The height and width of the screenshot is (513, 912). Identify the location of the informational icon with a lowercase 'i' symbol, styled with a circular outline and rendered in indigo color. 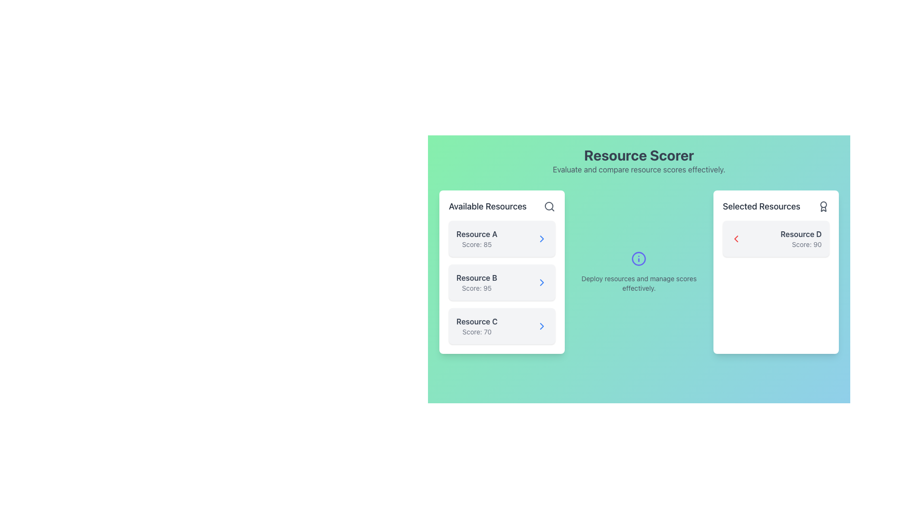
(639, 258).